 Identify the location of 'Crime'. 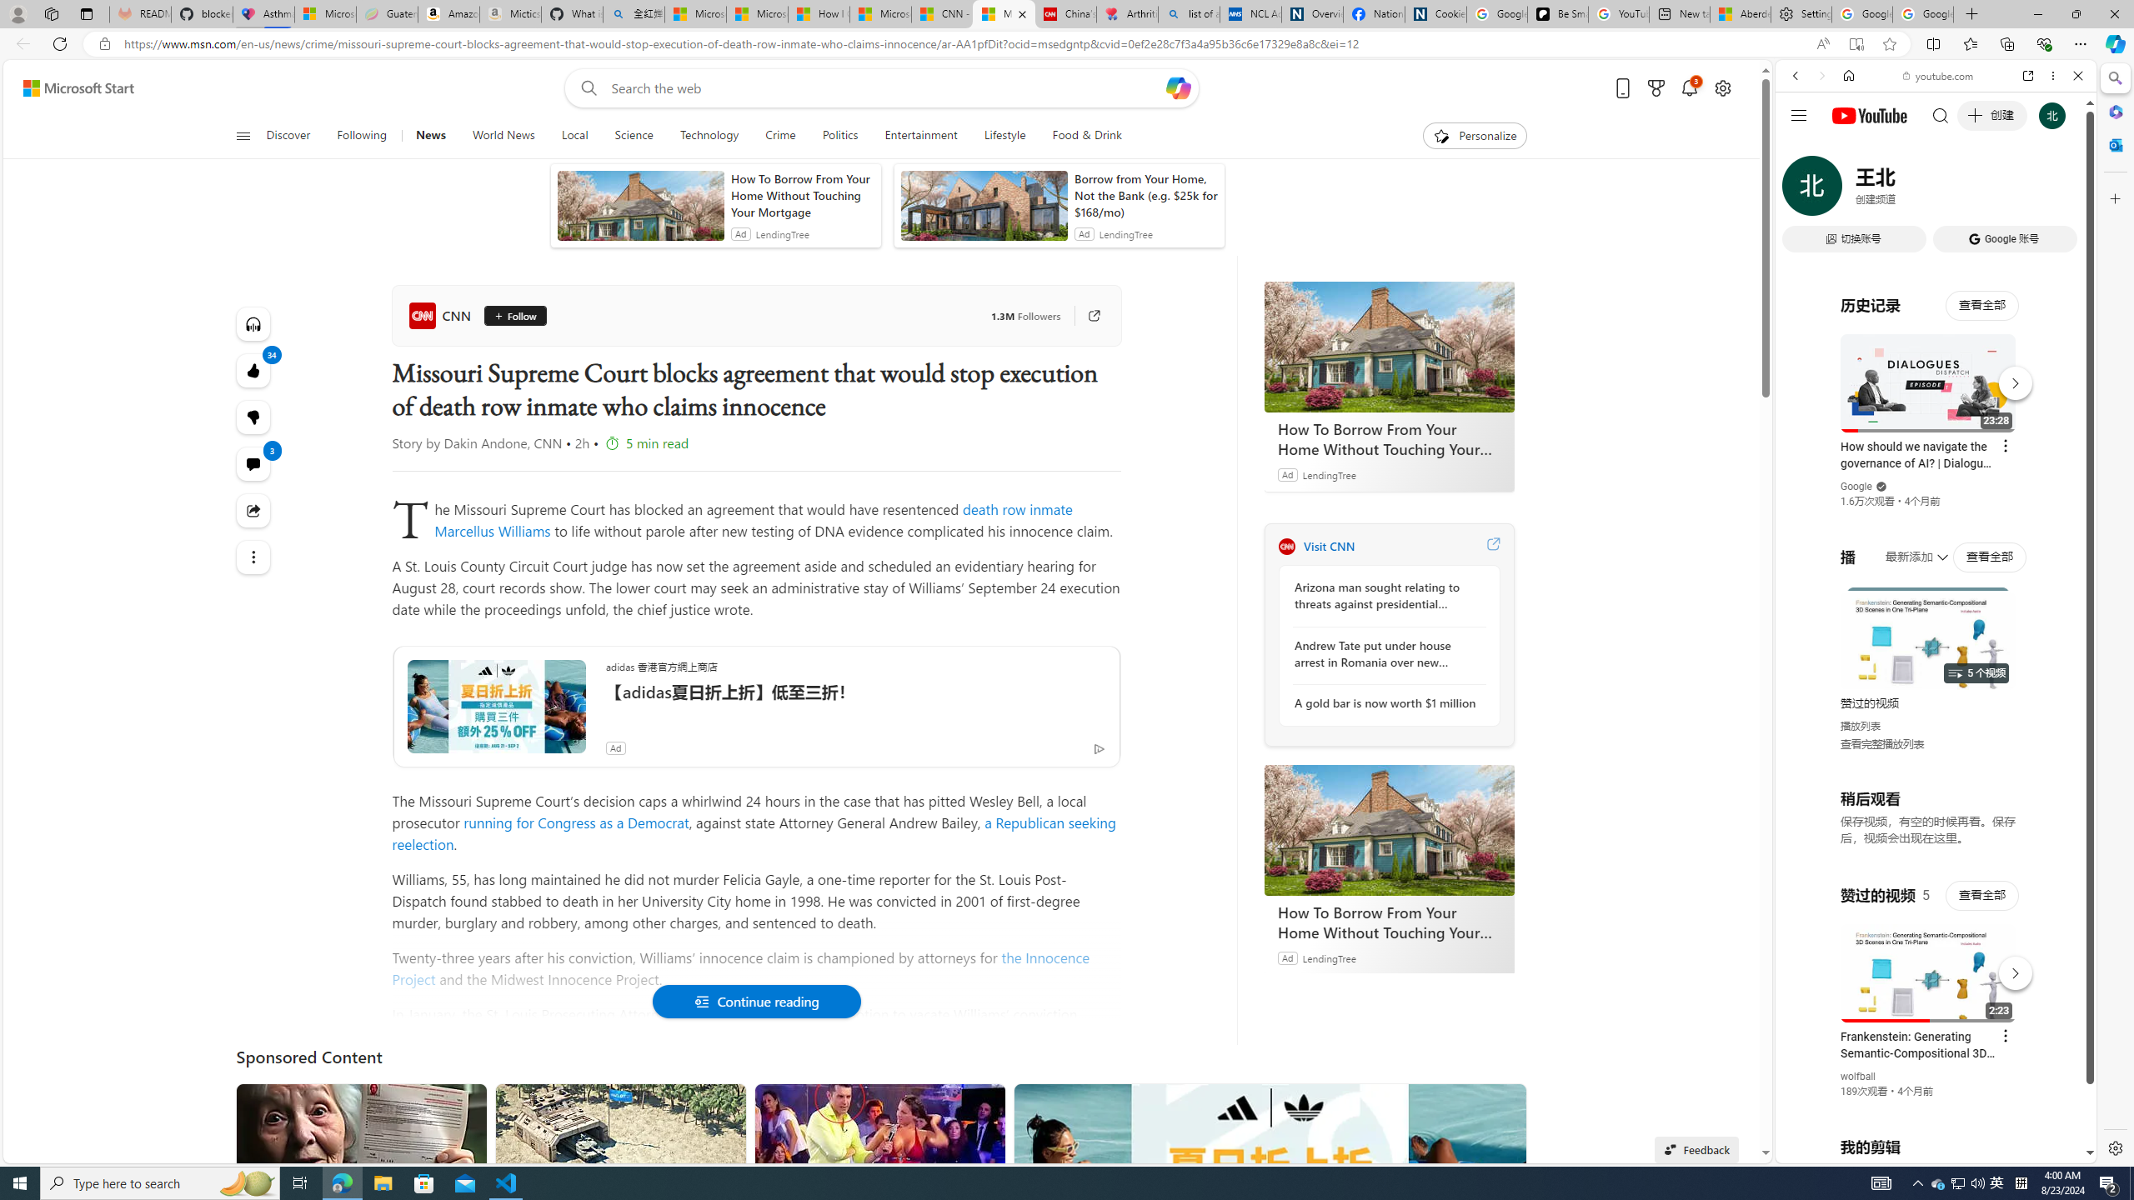
(779, 135).